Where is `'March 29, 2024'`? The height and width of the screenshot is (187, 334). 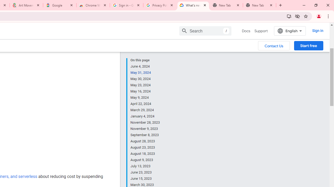
'March 29, 2024' is located at coordinates (145, 110).